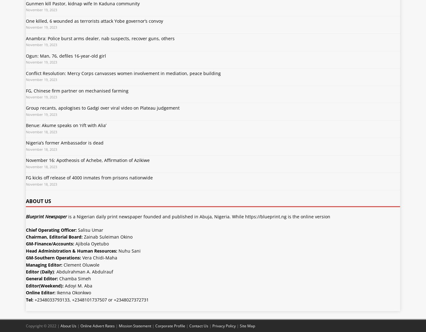  What do you see at coordinates (247, 325) in the screenshot?
I see `'Site Map'` at bounding box center [247, 325].